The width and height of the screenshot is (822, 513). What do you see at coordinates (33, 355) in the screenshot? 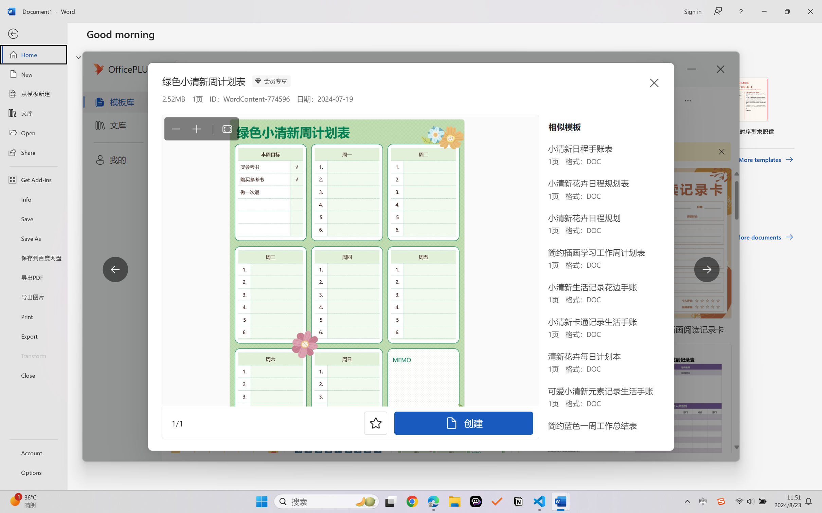
I see `'Transform'` at bounding box center [33, 355].